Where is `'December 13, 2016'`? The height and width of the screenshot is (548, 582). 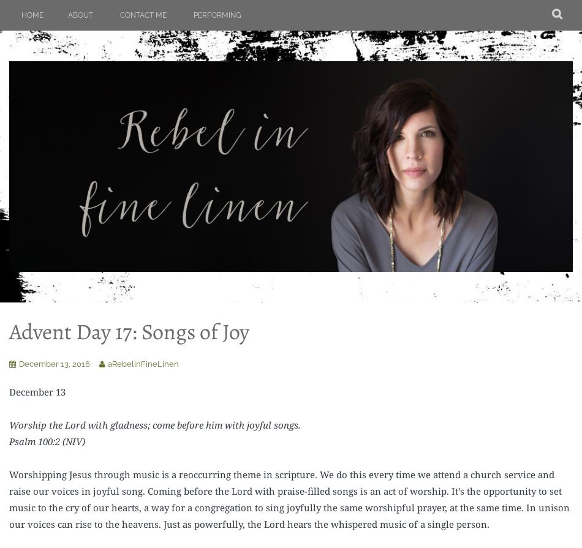
'December 13, 2016' is located at coordinates (55, 363).